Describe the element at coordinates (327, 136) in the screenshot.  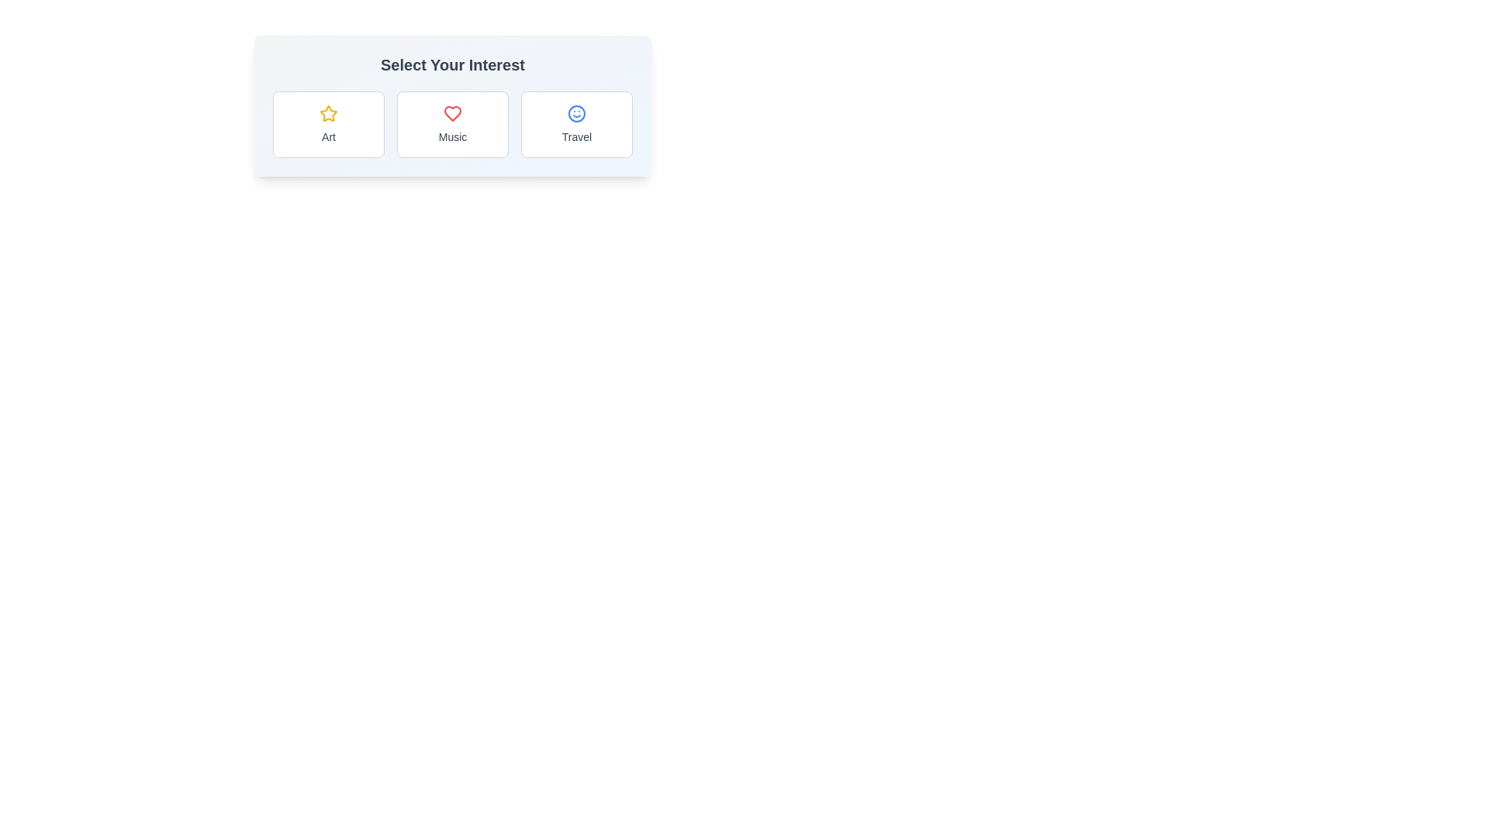
I see `the descriptive text label that provides context for the associated option in the bordered rectangular card with a star-shaped icon indicating the 'Art' category` at that location.